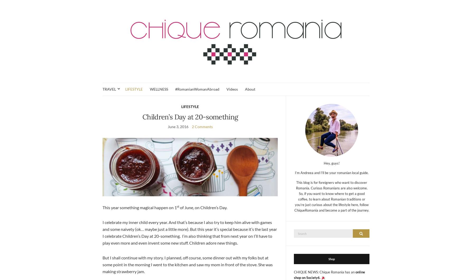 Image resolution: width=472 pixels, height=280 pixels. Describe the element at coordinates (320, 277) in the screenshot. I see `'.'` at that location.